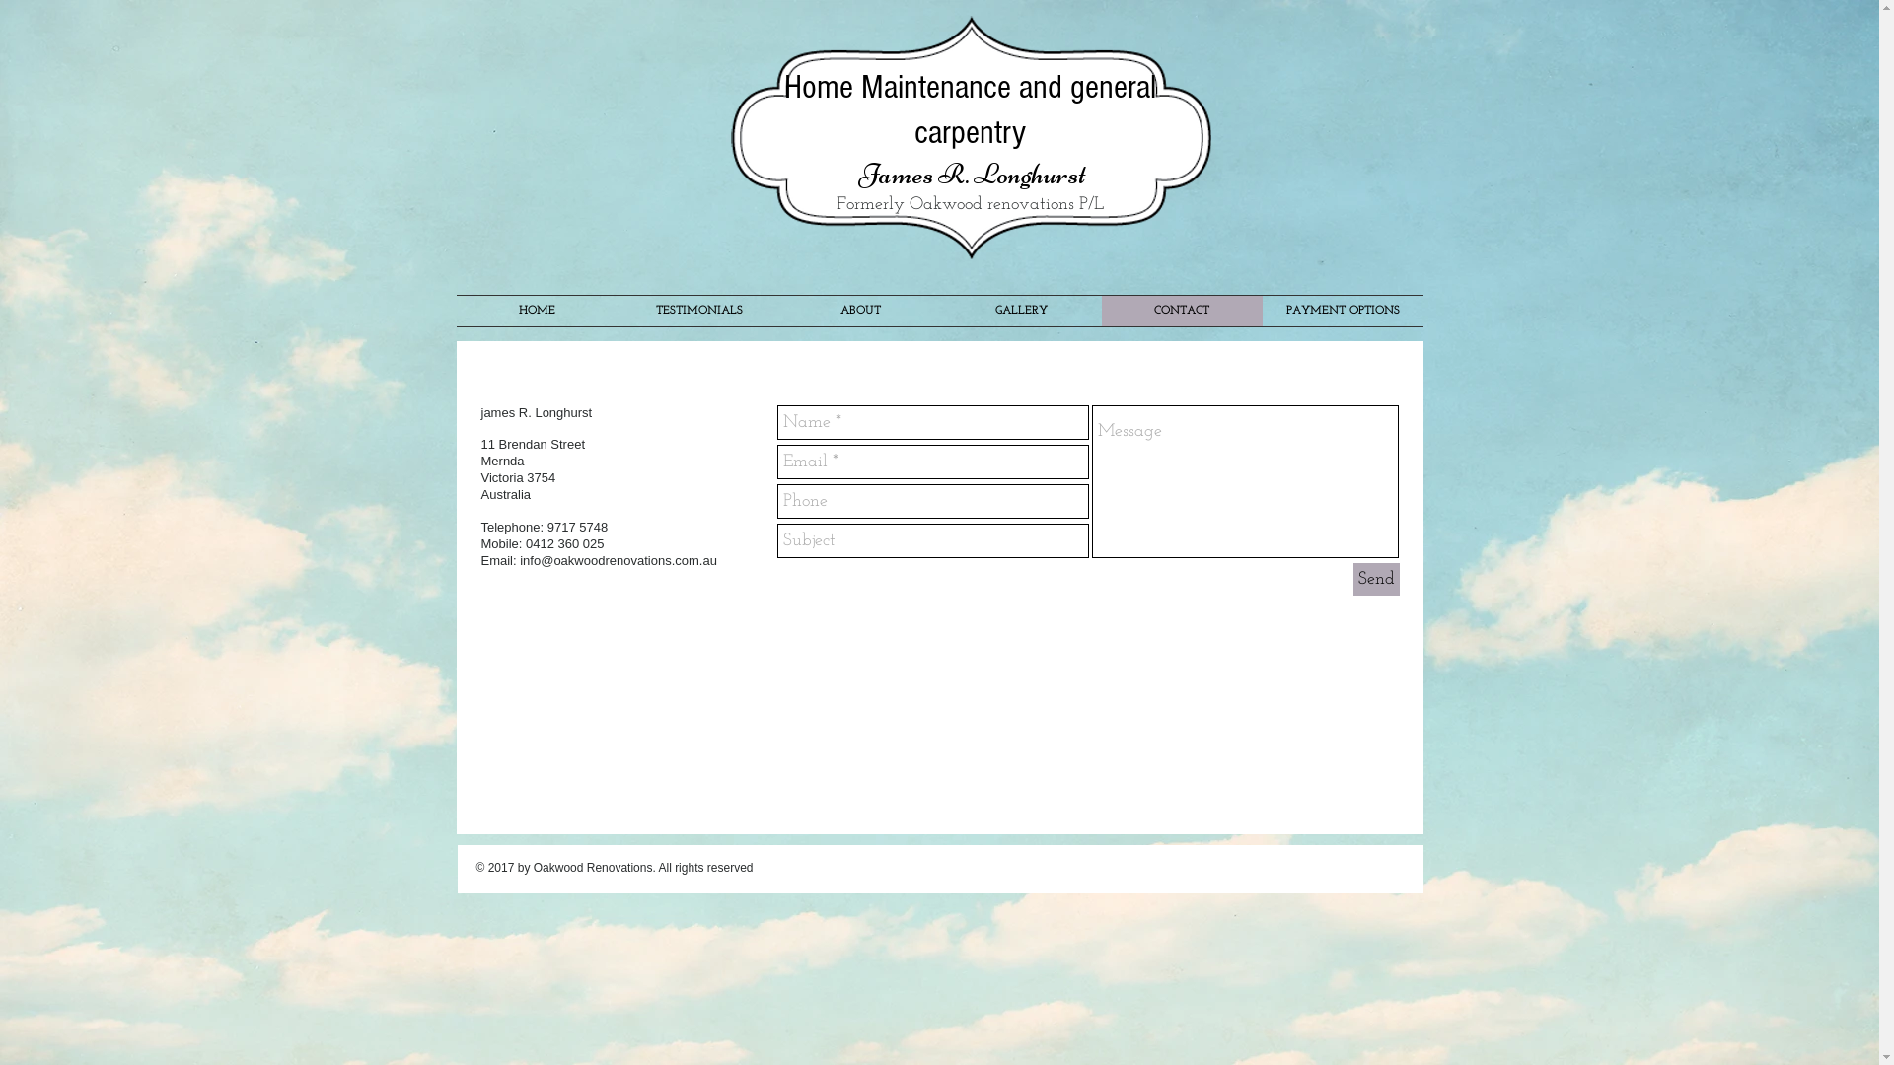  Describe the element at coordinates (859, 311) in the screenshot. I see `'ABOUT'` at that location.